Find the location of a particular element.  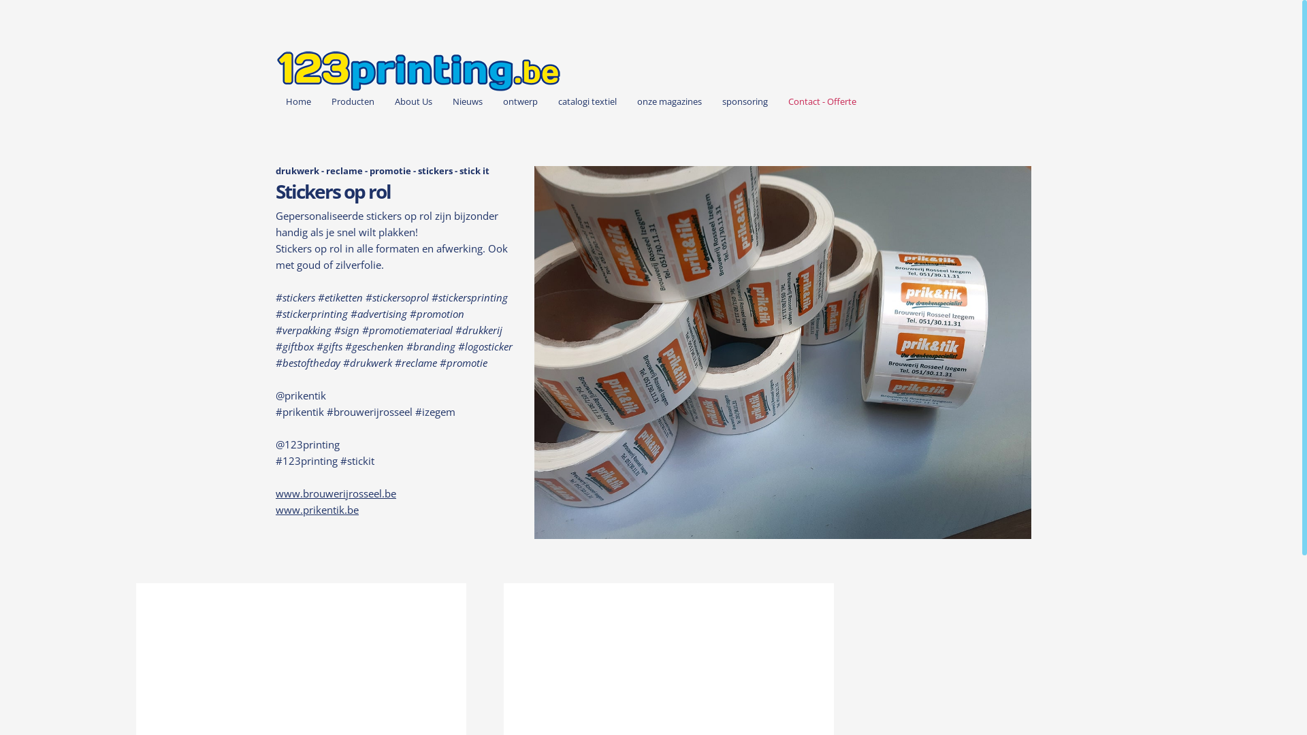

'About Us' is located at coordinates (384, 101).